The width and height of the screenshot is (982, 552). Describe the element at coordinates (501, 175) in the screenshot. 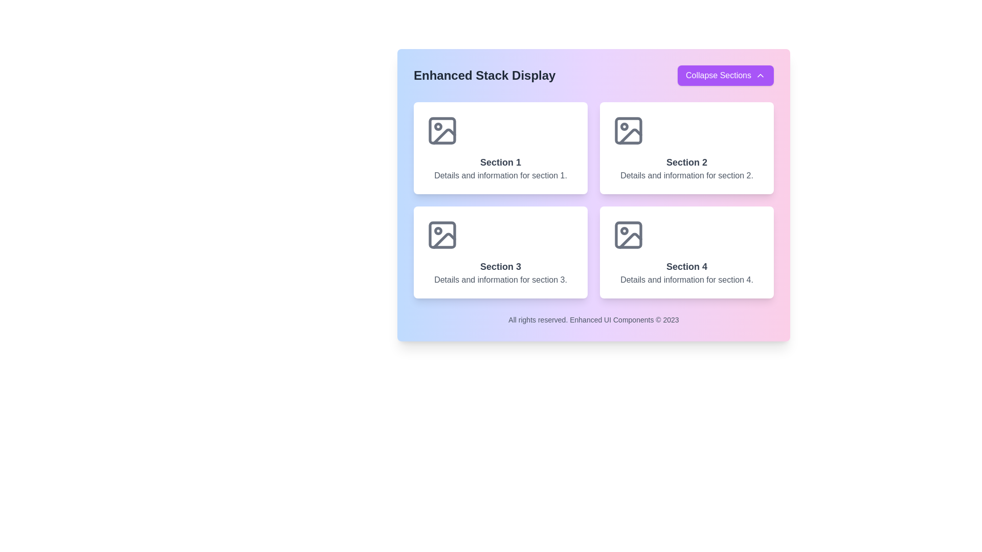

I see `text content of the descriptive Text element located below 'Section 1' in the top-left section of the grid layout` at that location.